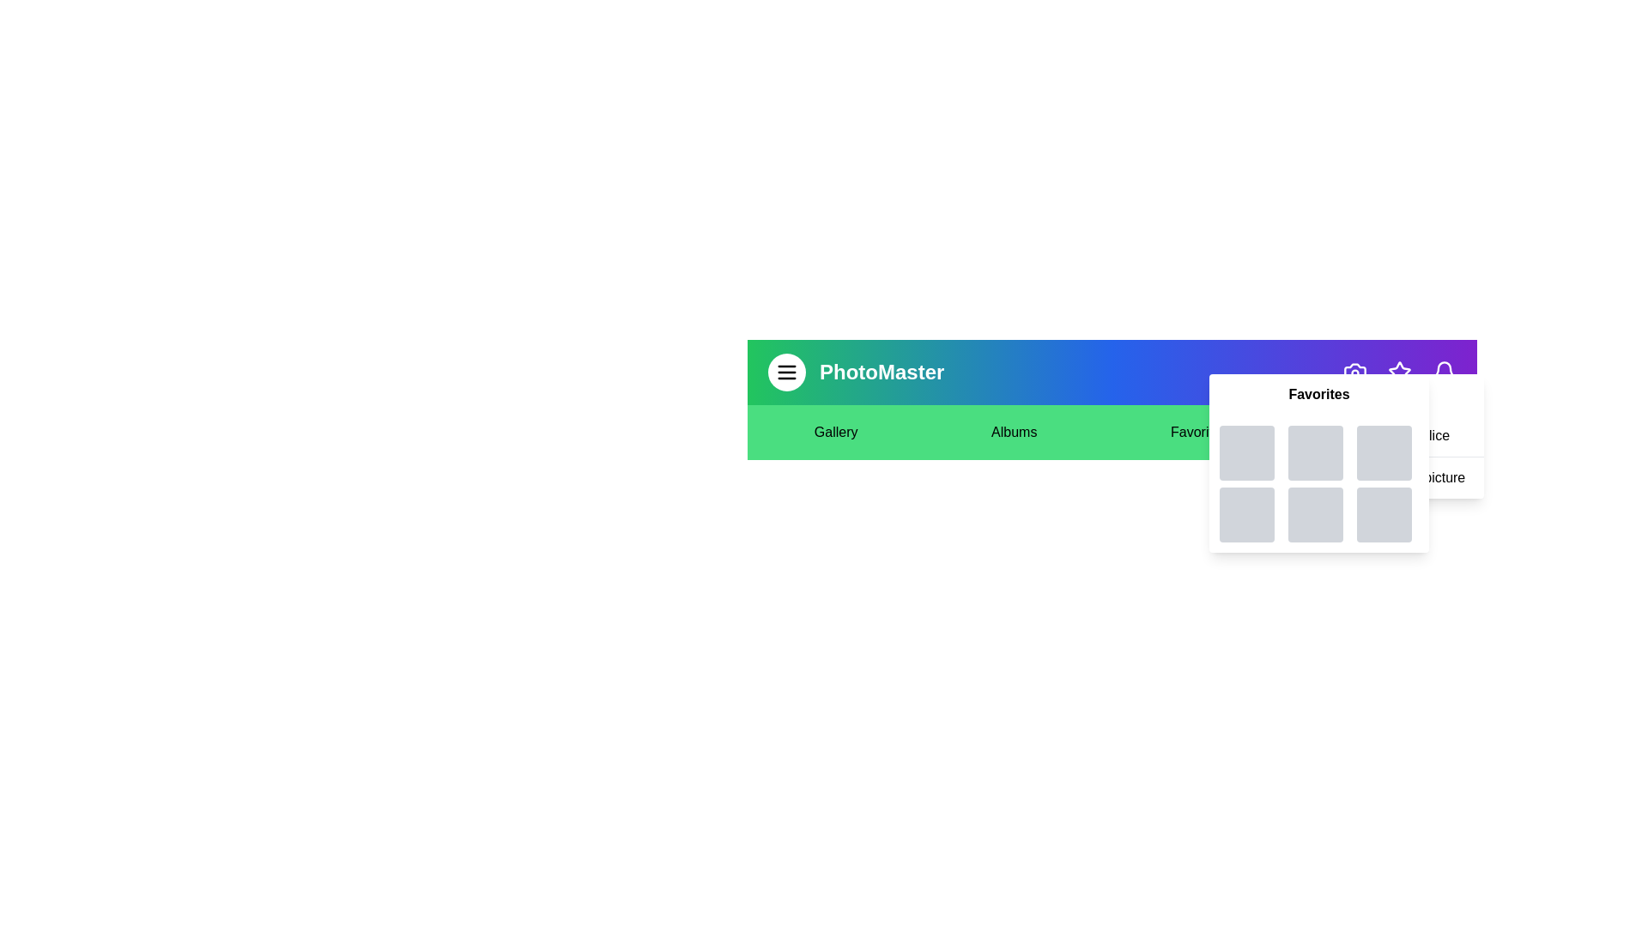 This screenshot has height=927, width=1648. What do you see at coordinates (1354, 372) in the screenshot?
I see `the camera icon to perform the associated action` at bounding box center [1354, 372].